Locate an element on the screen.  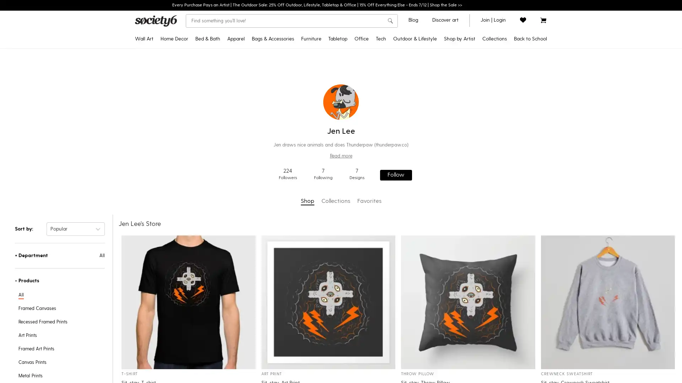
Floor Pillows is located at coordinates (188, 91).